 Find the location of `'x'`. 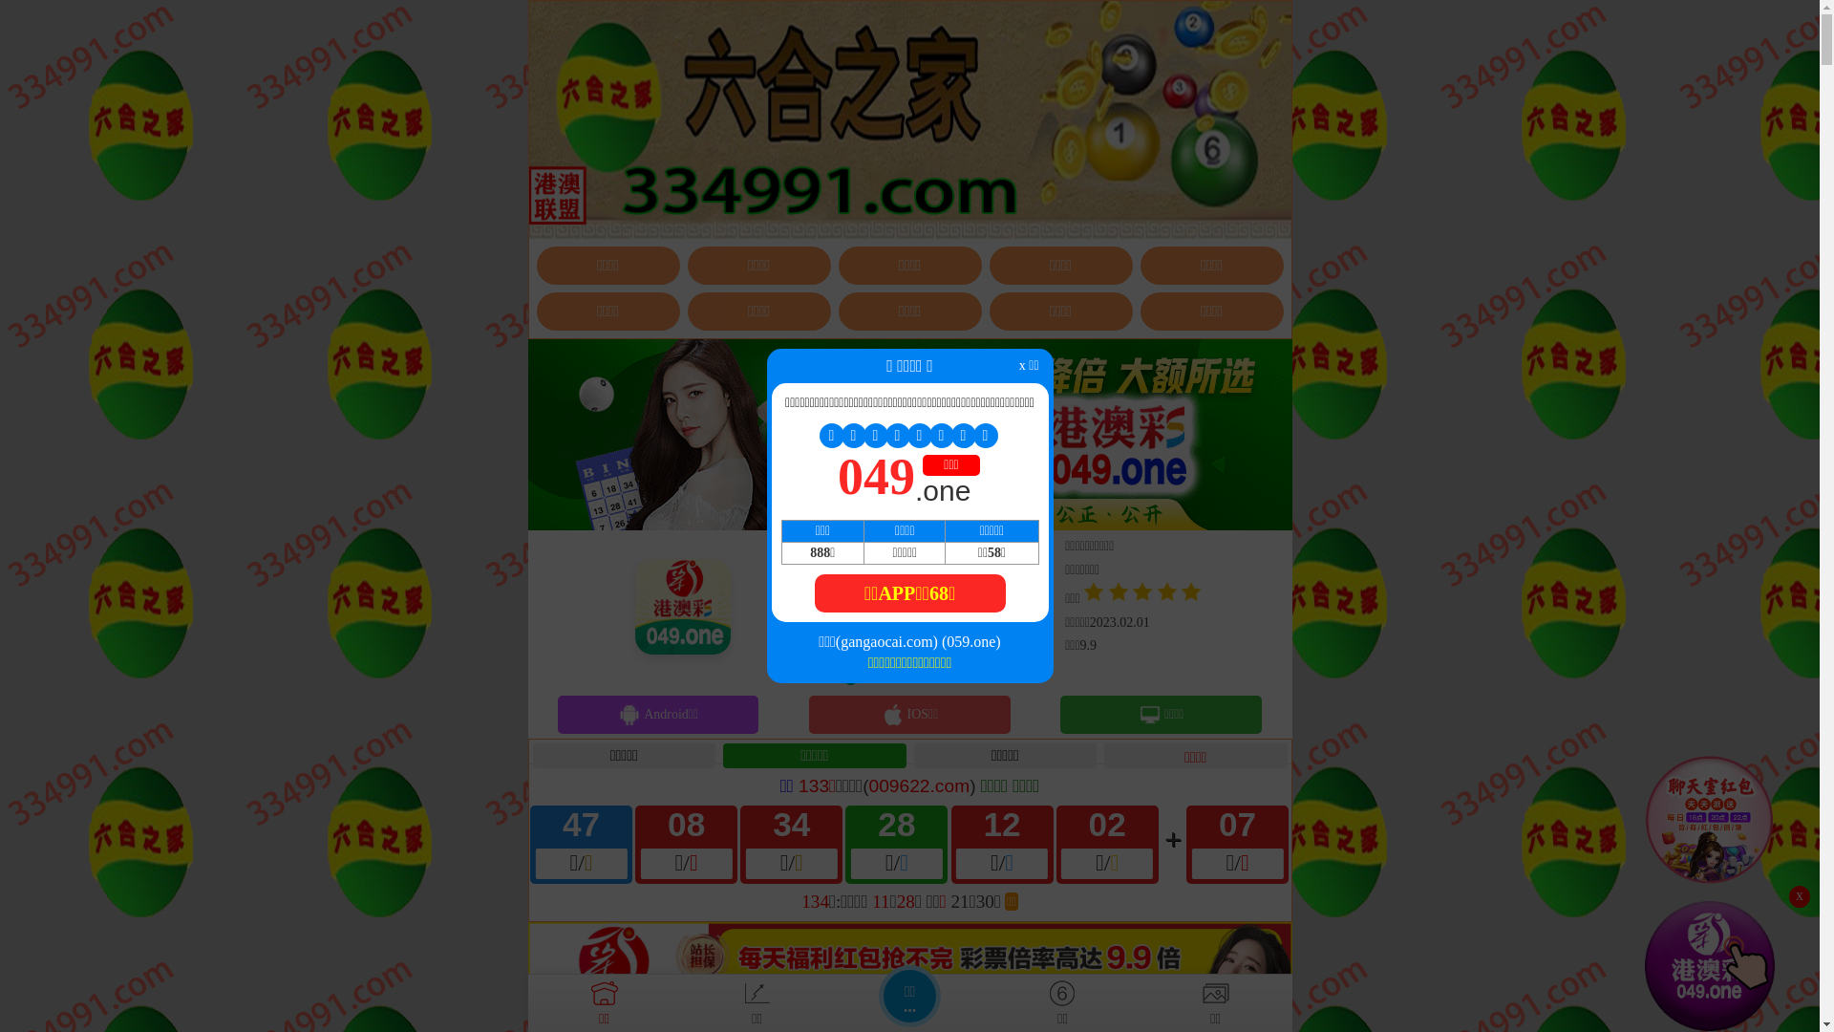

'x' is located at coordinates (1798, 896).